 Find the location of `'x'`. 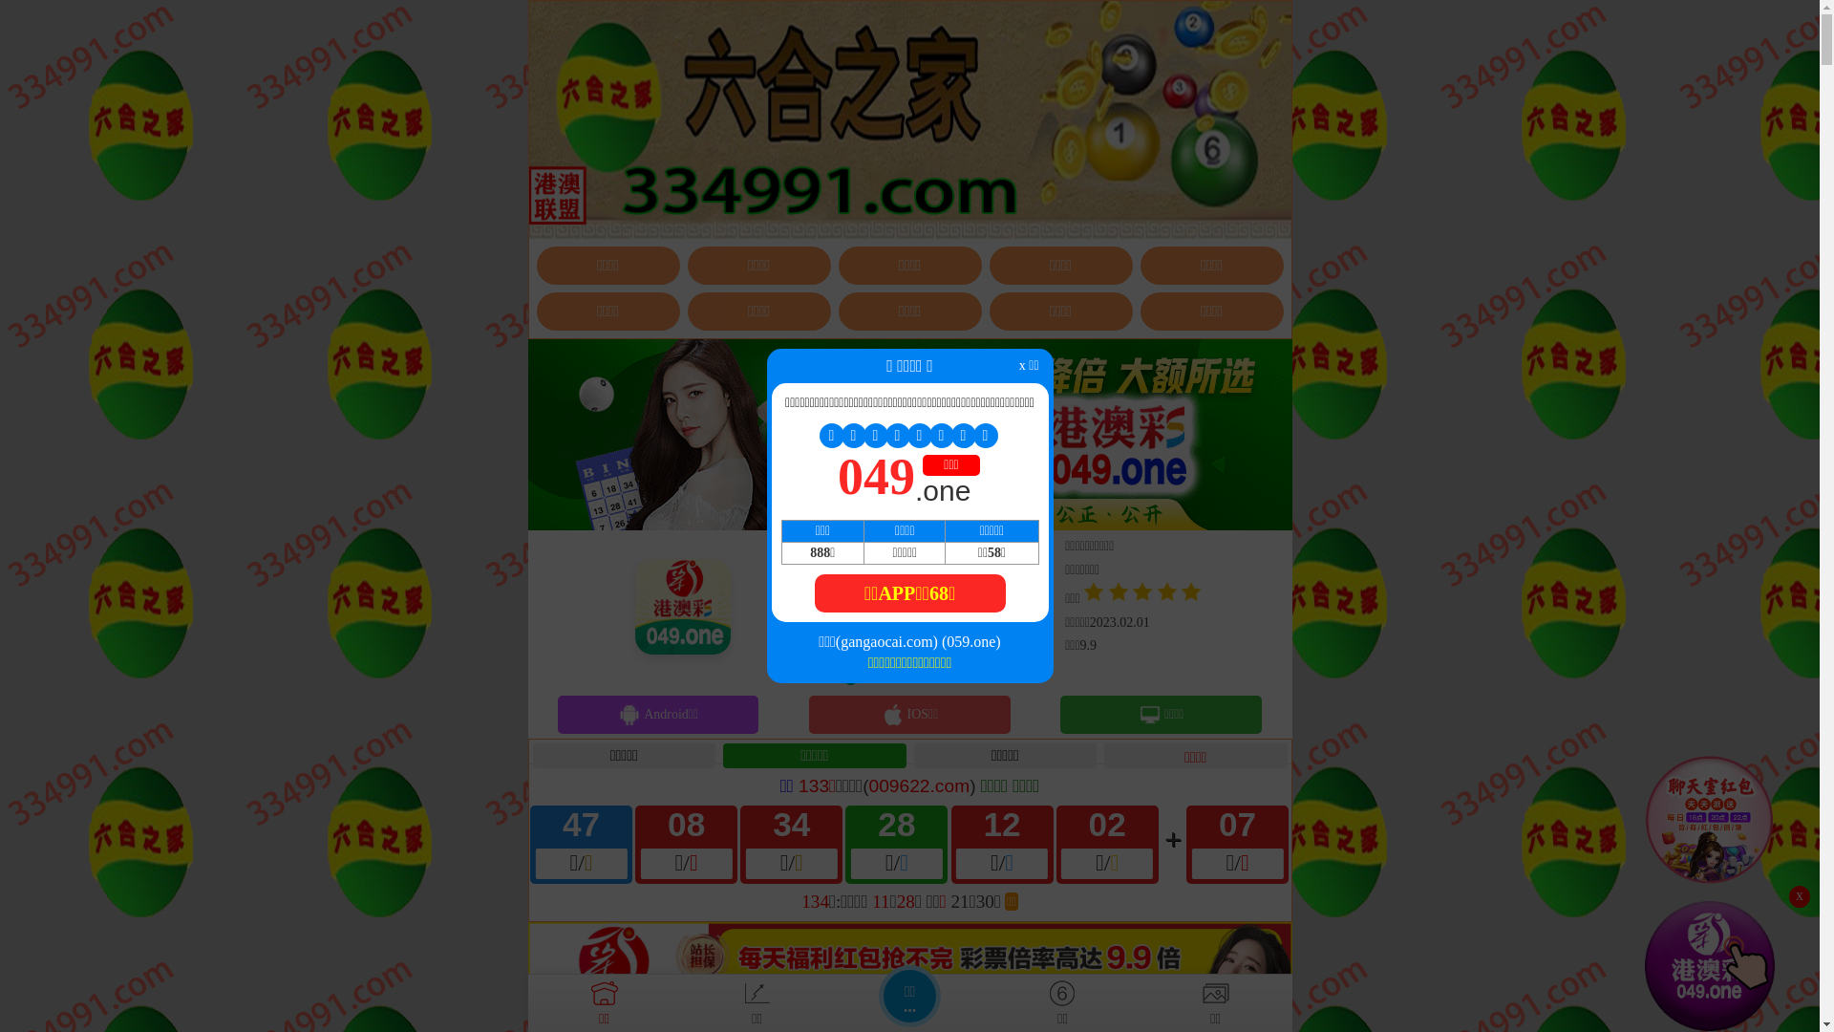

'x' is located at coordinates (1798, 896).